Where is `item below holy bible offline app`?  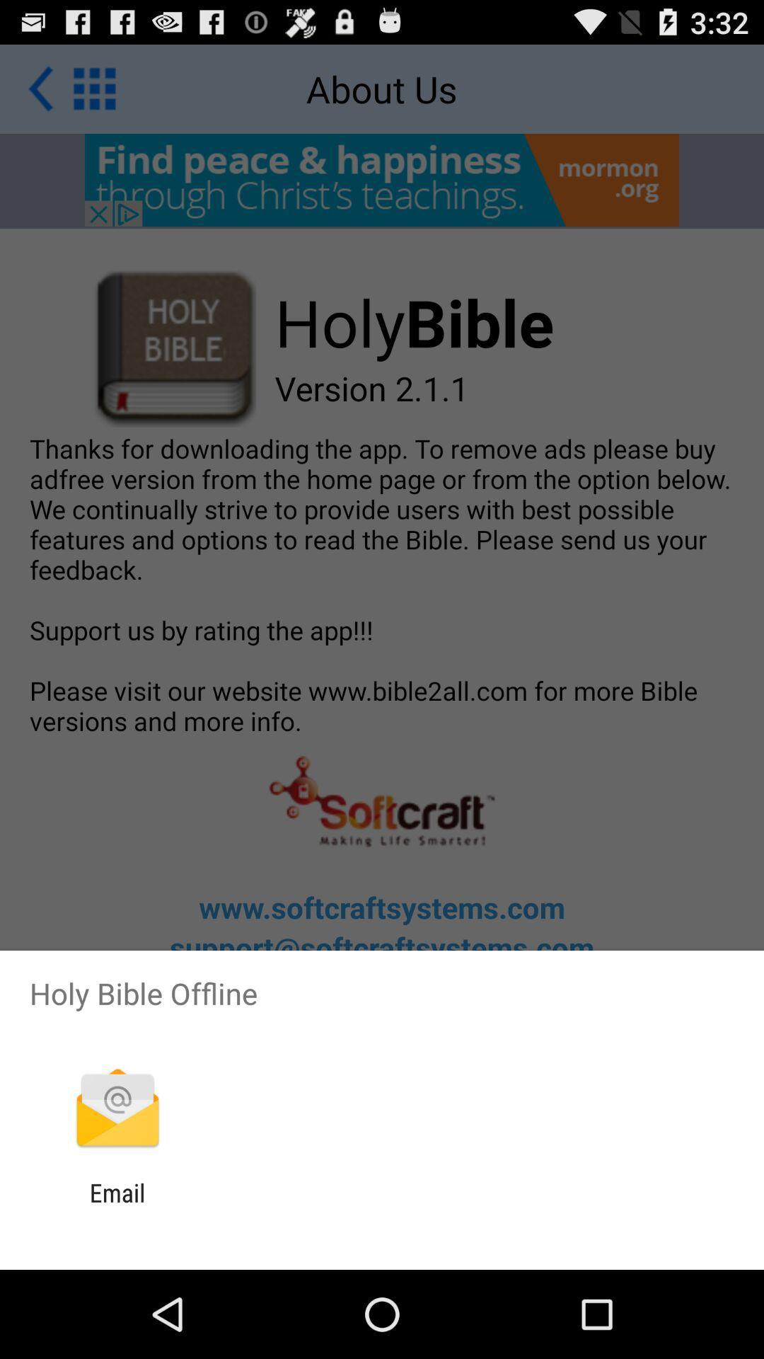 item below holy bible offline app is located at coordinates (117, 1109).